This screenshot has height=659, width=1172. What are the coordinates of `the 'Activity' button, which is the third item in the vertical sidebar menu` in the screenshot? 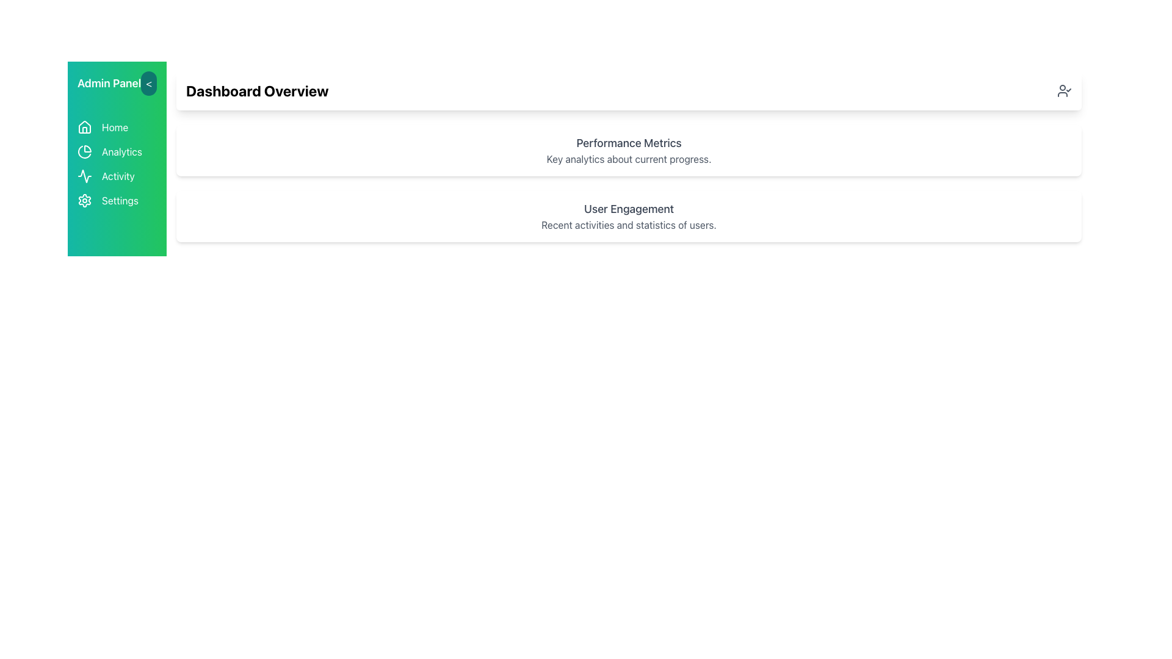 It's located at (117, 176).